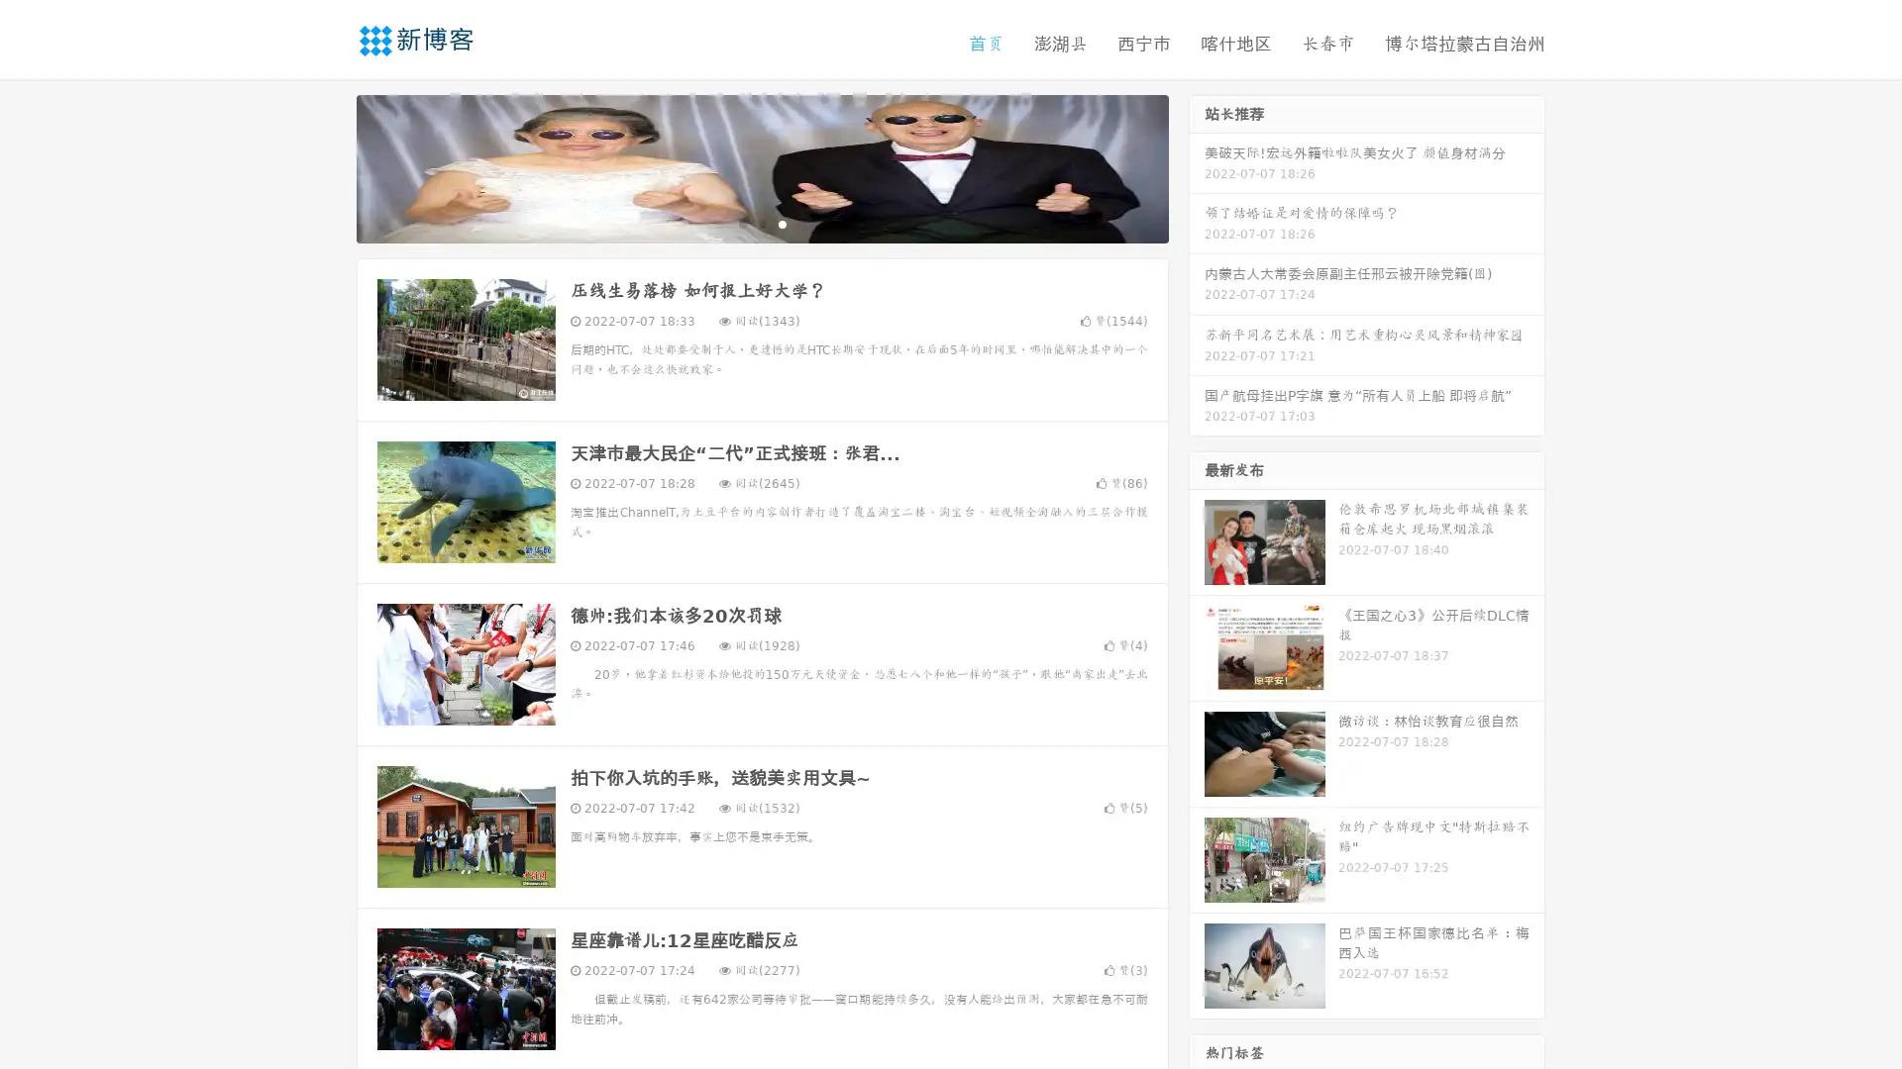 The image size is (1902, 1069). What do you see at coordinates (327, 166) in the screenshot?
I see `Previous slide` at bounding box center [327, 166].